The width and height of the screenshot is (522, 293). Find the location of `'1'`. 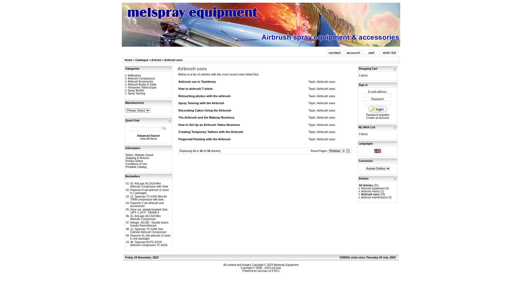

'1' is located at coordinates (341, 151).